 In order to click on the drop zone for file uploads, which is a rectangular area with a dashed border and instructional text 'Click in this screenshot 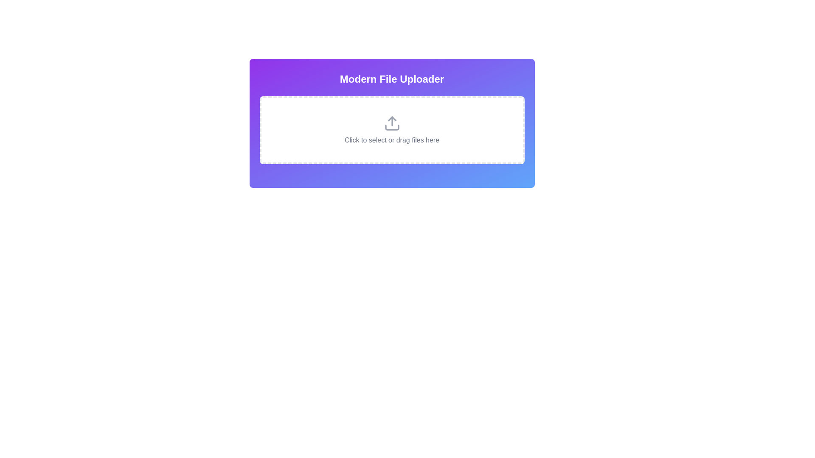, I will do `click(391, 130)`.